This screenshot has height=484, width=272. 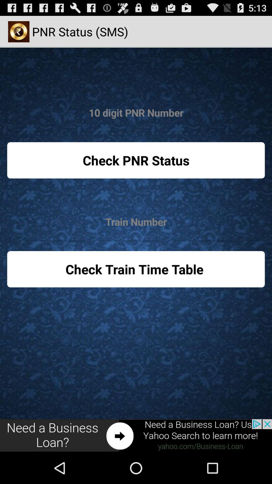 What do you see at coordinates (136, 435) in the screenshot?
I see `click on advertisement to external website` at bounding box center [136, 435].